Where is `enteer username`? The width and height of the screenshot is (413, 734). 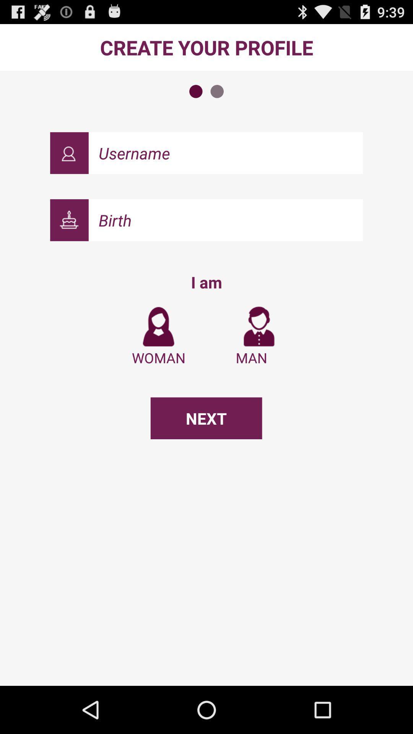
enteer username is located at coordinates (225, 153).